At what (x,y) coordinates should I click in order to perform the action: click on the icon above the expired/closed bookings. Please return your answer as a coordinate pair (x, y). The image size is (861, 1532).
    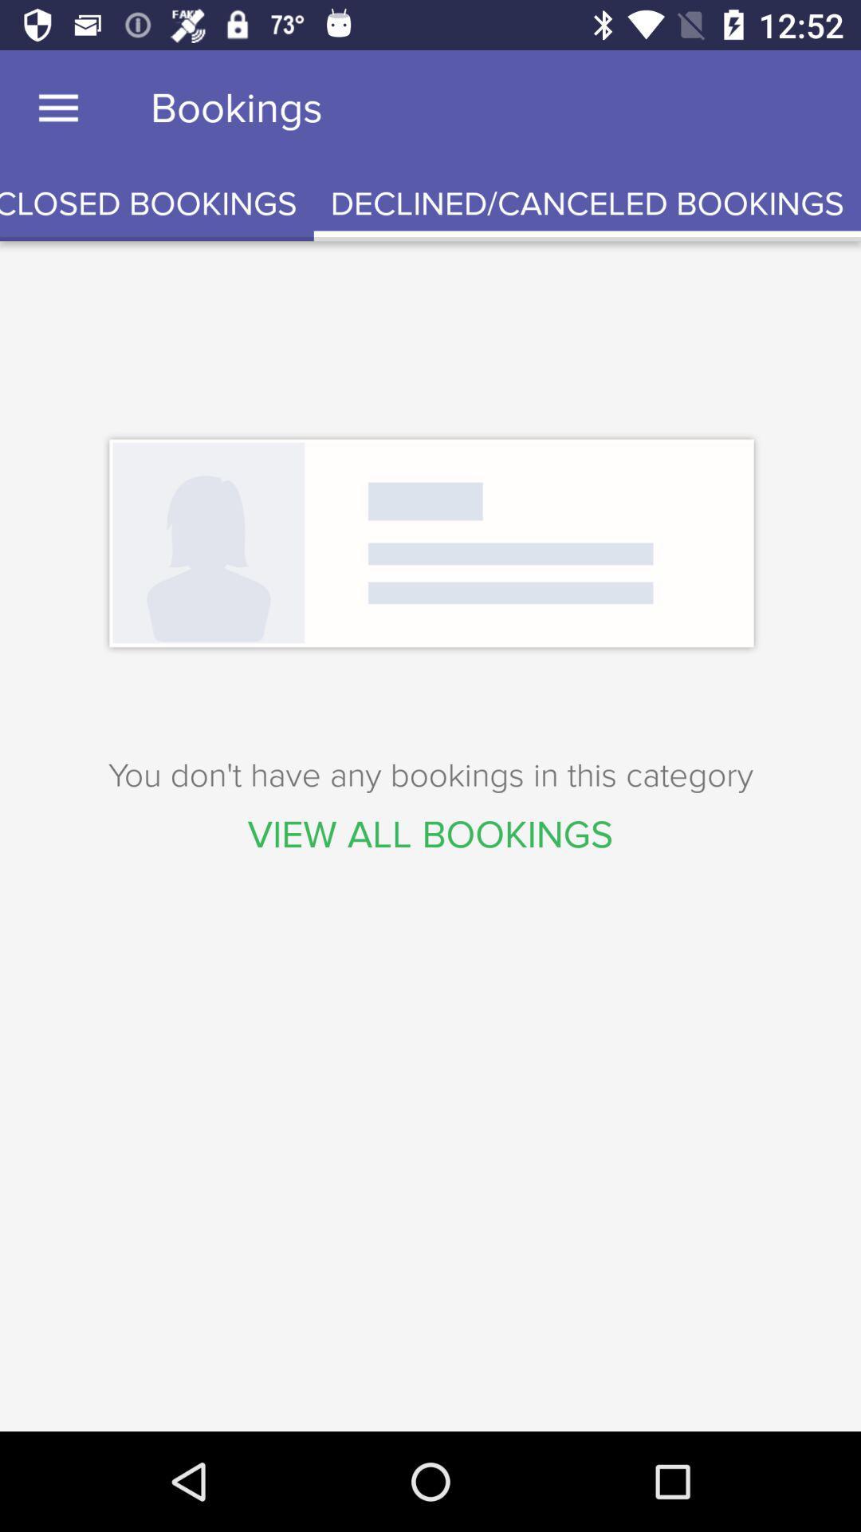
    Looking at the image, I should click on (57, 108).